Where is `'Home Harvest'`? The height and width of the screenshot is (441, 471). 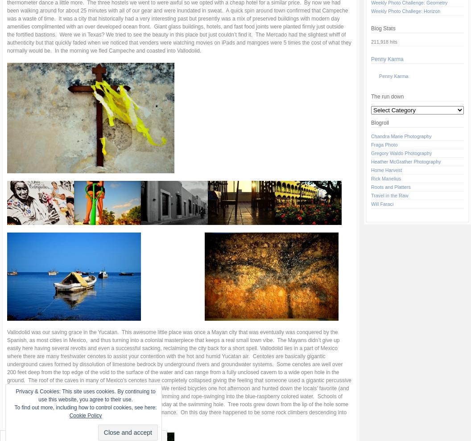 'Home Harvest' is located at coordinates (386, 170).